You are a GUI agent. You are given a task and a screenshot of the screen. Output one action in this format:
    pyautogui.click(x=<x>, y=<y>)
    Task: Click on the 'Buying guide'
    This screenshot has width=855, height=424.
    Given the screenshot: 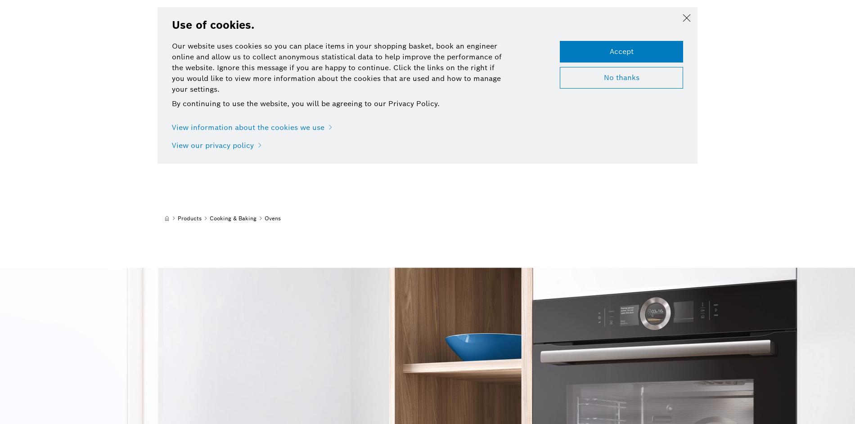 What is the action you would take?
    pyautogui.click(x=276, y=47)
    